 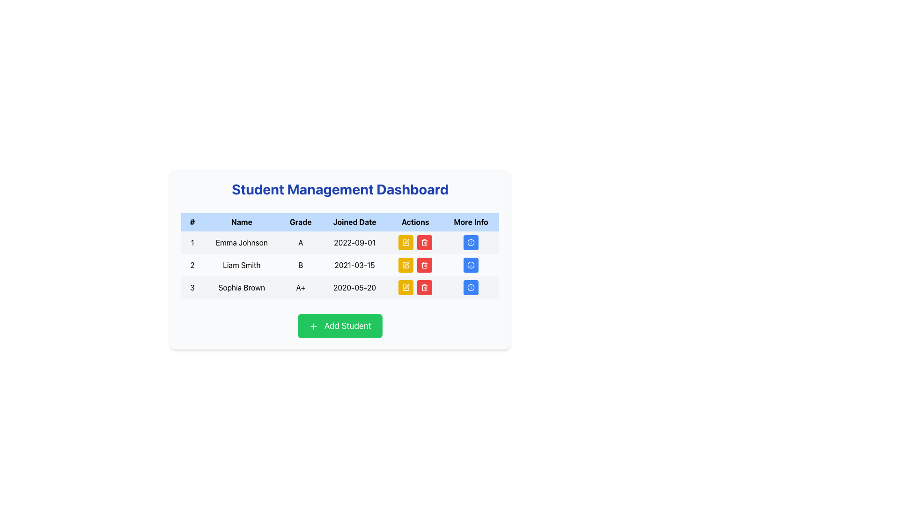 What do you see at coordinates (406, 241) in the screenshot?
I see `the edit icon represented by a small outlined circle with a pen icon in the 'Actions' column of the second row for 'Liam Smith'` at bounding box center [406, 241].